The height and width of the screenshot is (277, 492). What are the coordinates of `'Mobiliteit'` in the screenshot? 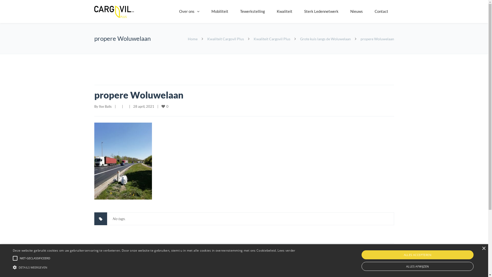 It's located at (220, 12).